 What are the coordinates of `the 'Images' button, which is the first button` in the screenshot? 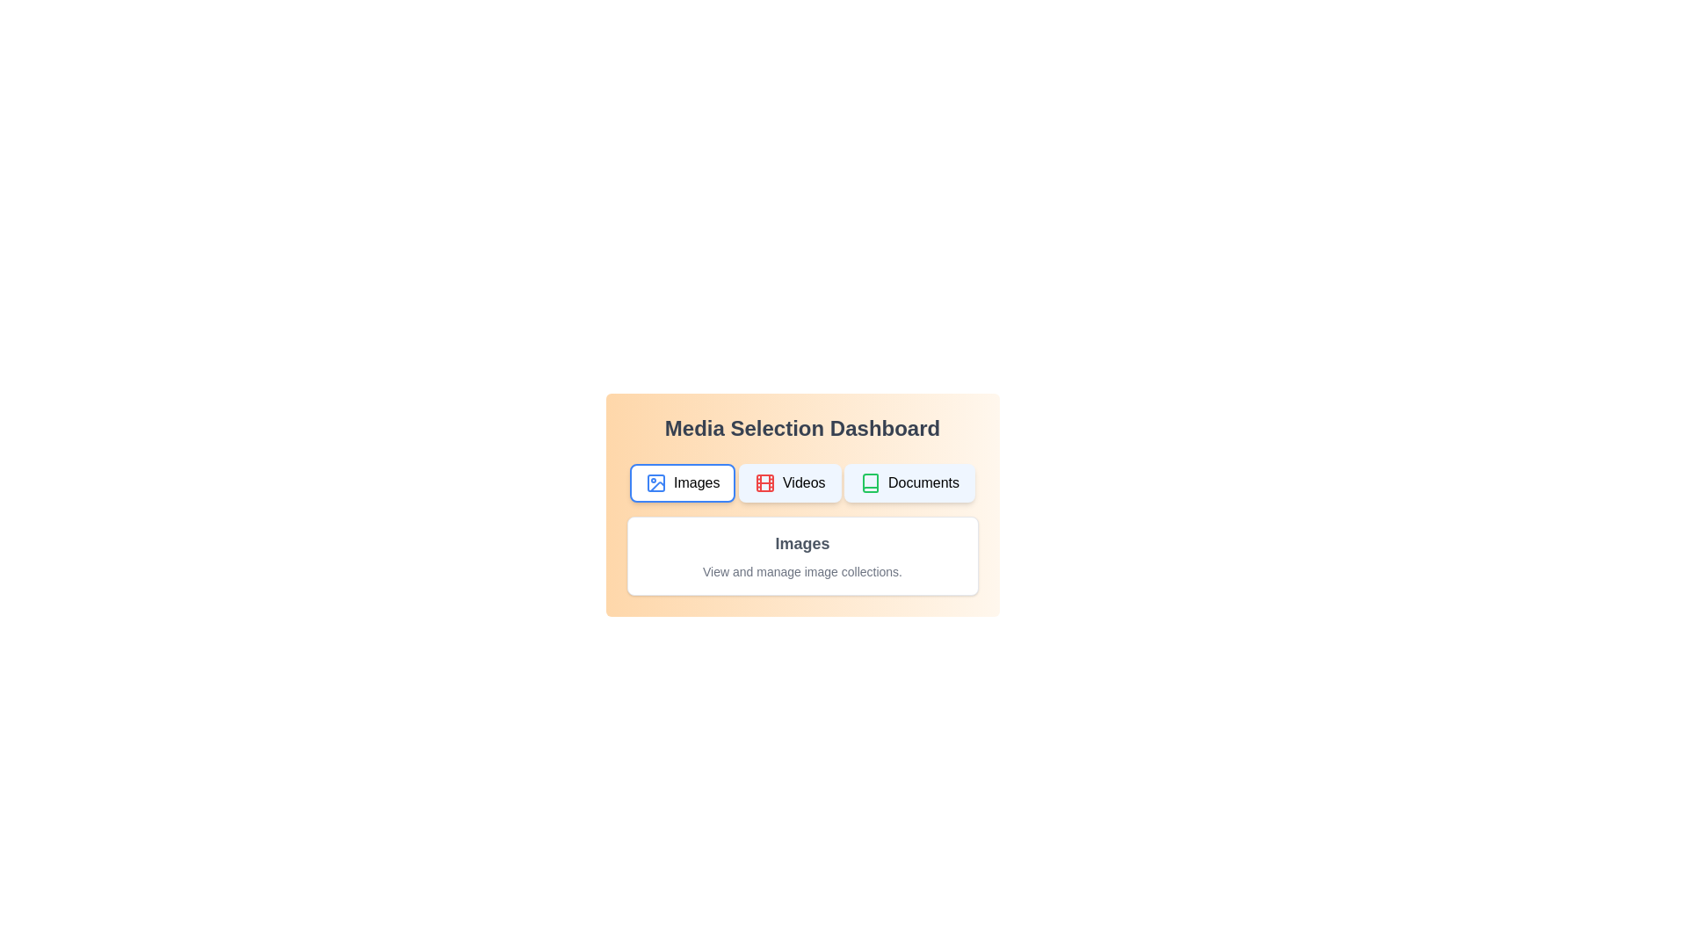 It's located at (682, 483).